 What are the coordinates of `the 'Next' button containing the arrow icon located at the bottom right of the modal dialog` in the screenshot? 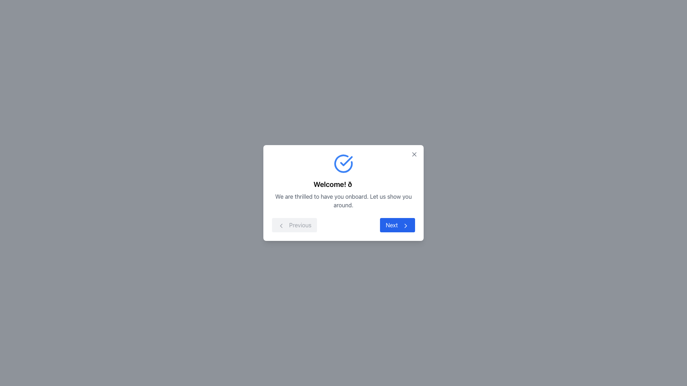 It's located at (405, 226).